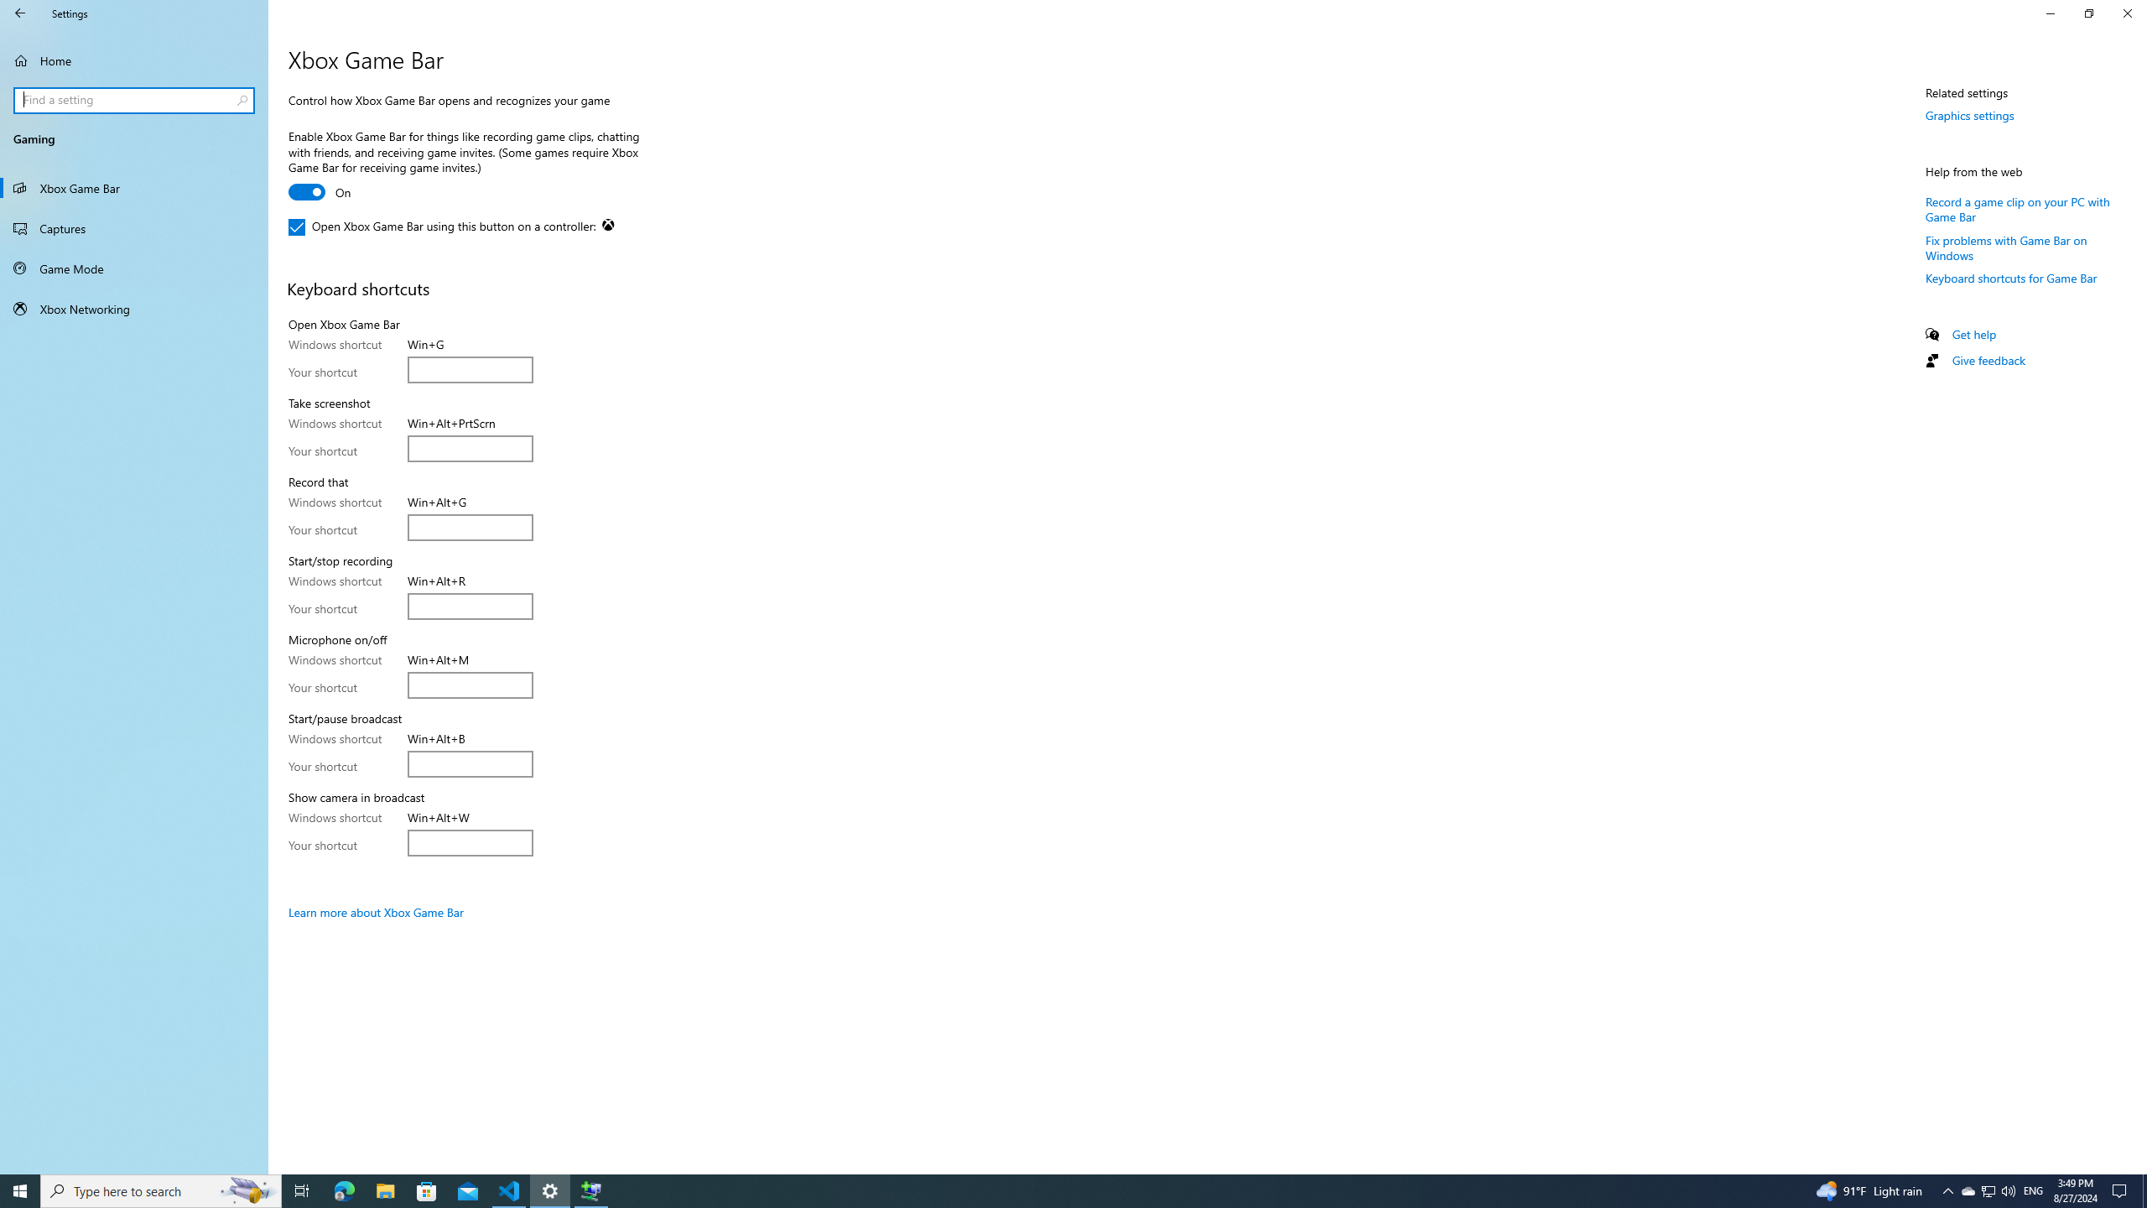  Describe the element at coordinates (1969, 115) in the screenshot. I see `'Graphics settings'` at that location.